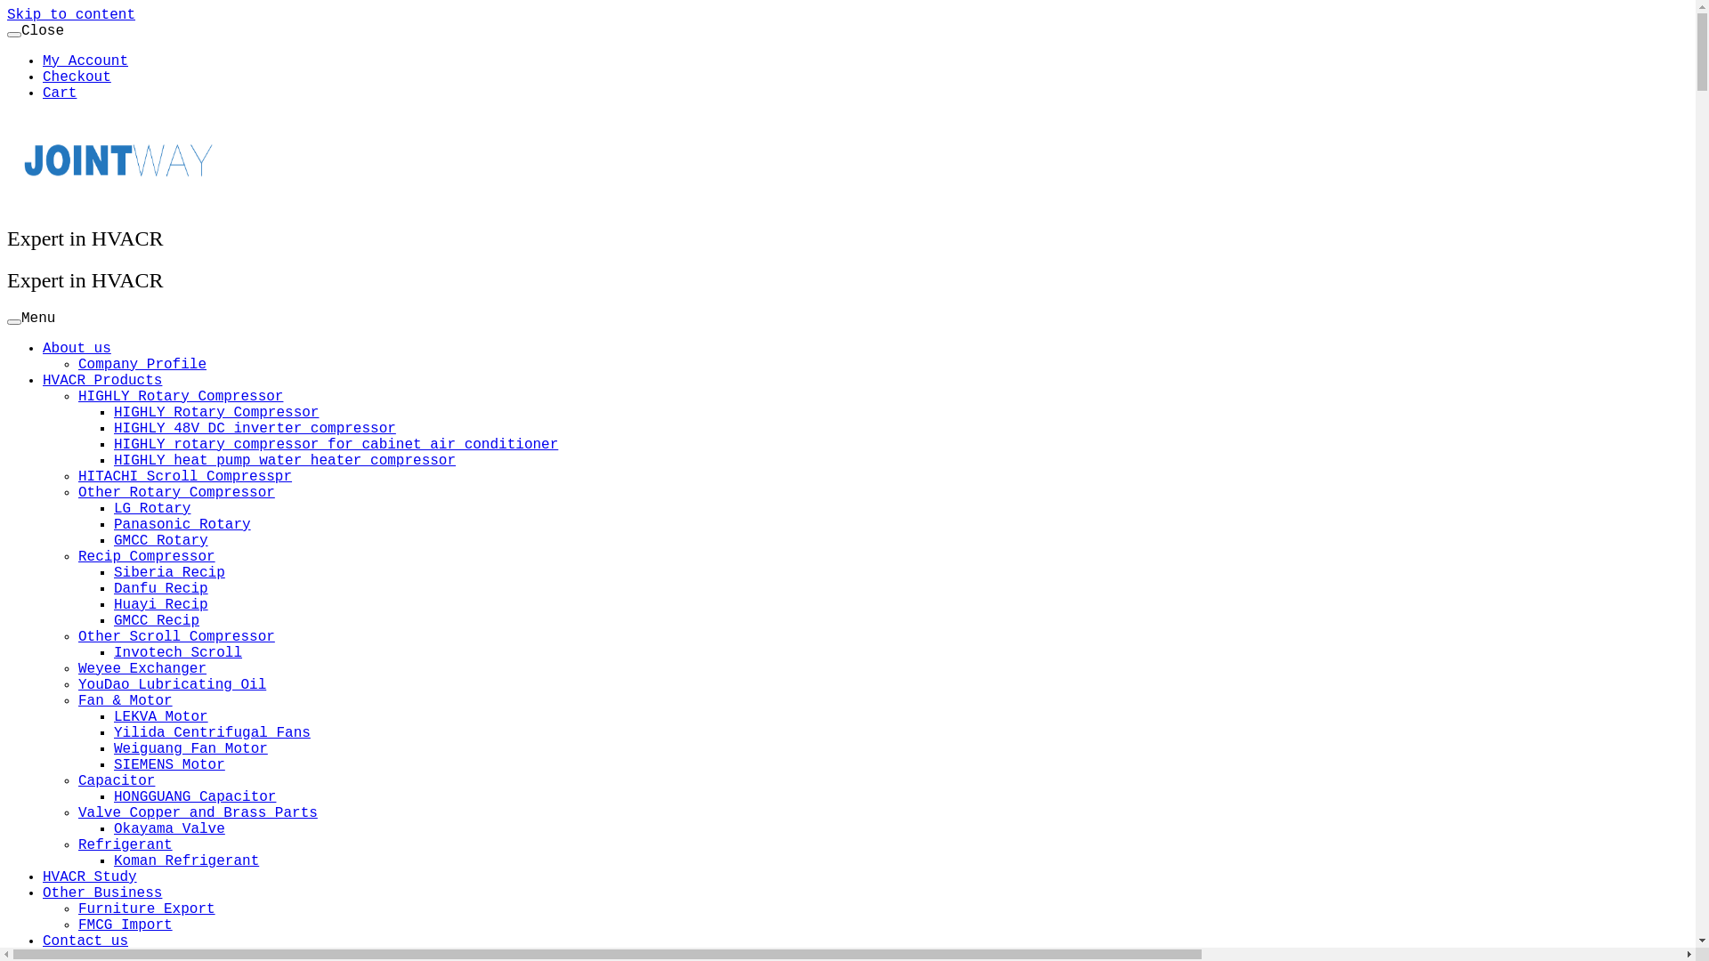 Image resolution: width=1709 pixels, height=961 pixels. I want to click on 'GMCC Rotary', so click(113, 540).